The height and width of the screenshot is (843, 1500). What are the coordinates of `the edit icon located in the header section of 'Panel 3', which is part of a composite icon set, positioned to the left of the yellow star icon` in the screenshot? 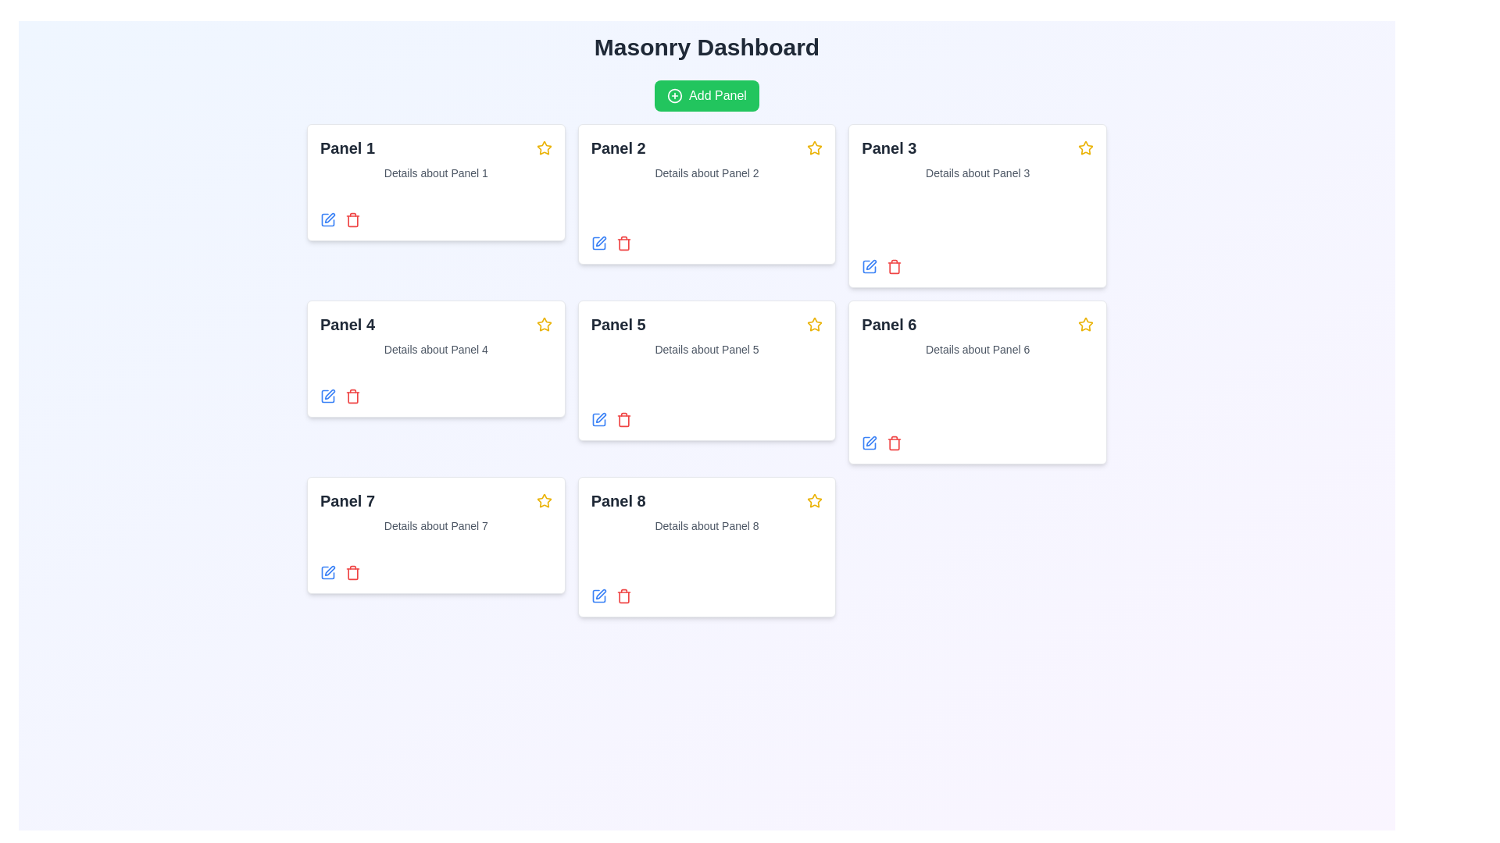 It's located at (869, 266).